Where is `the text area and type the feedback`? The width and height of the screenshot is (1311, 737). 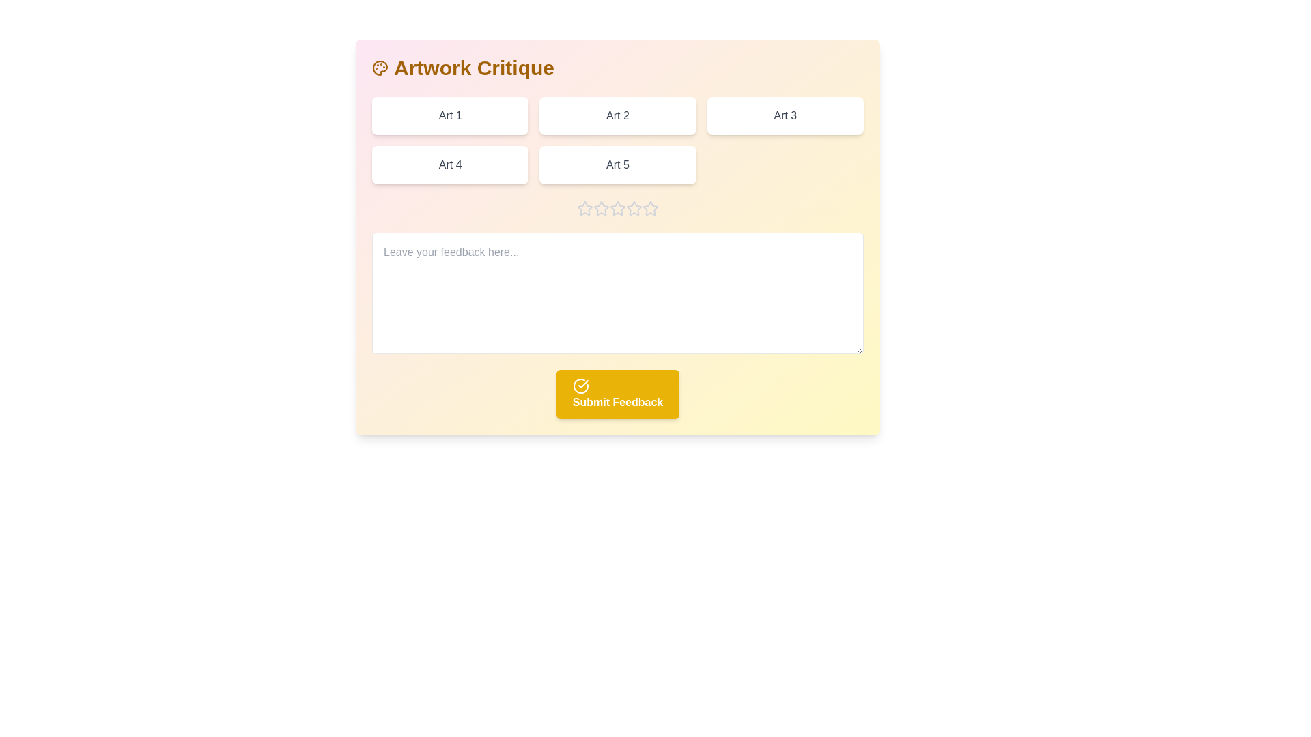 the text area and type the feedback is located at coordinates (617, 292).